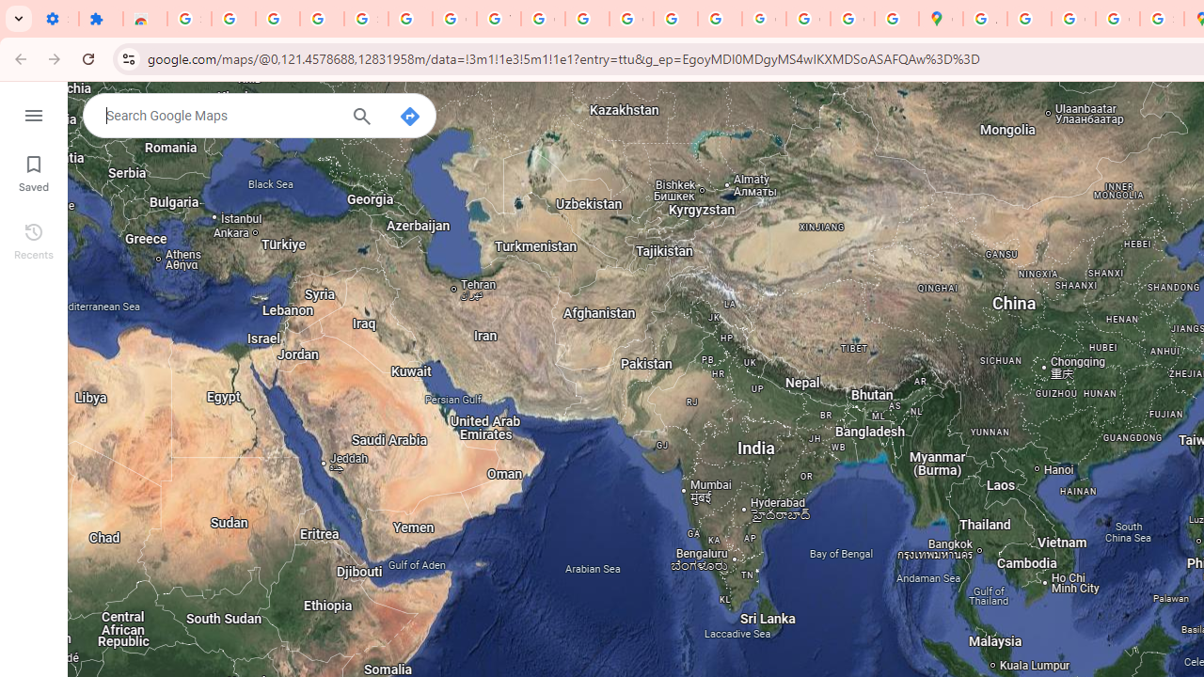  I want to click on 'Create your Google Account', so click(1073, 19).